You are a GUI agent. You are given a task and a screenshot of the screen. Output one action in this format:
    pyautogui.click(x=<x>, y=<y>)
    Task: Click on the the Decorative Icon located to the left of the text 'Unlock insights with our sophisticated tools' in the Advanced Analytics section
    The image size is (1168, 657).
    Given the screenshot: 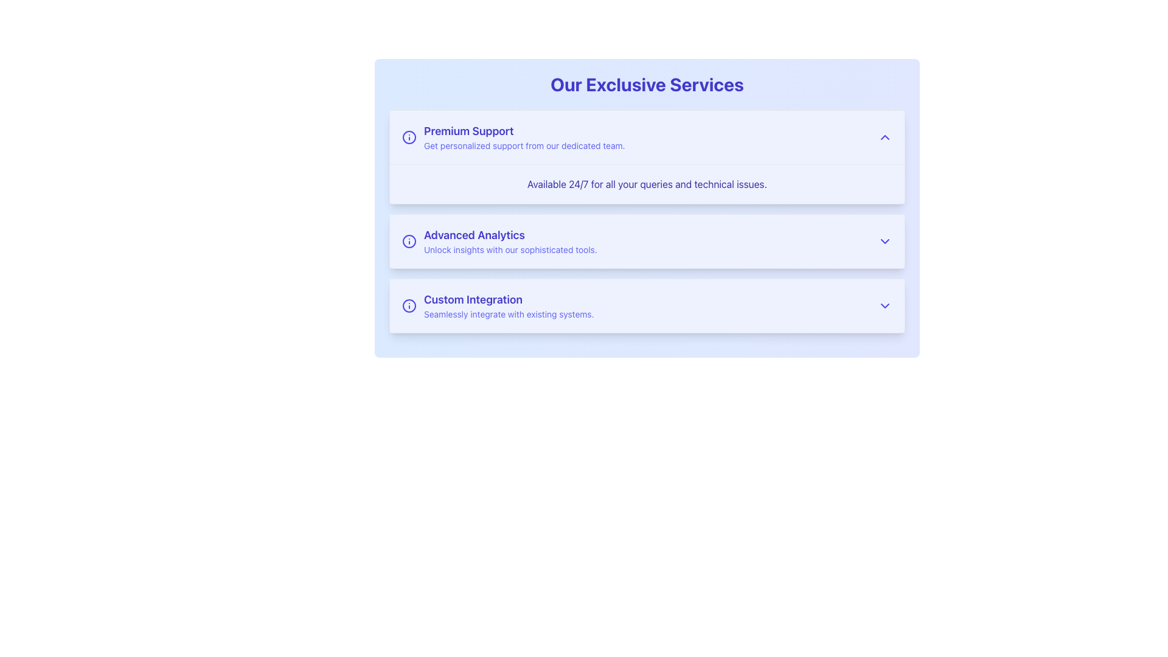 What is the action you would take?
    pyautogui.click(x=409, y=242)
    